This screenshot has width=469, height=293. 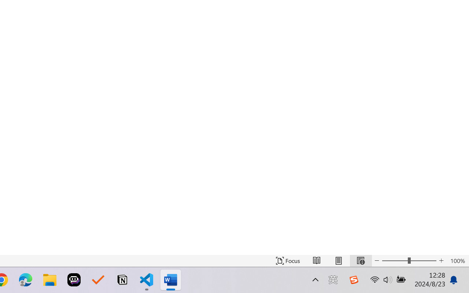 I want to click on 'Zoom 100%', so click(x=457, y=260).